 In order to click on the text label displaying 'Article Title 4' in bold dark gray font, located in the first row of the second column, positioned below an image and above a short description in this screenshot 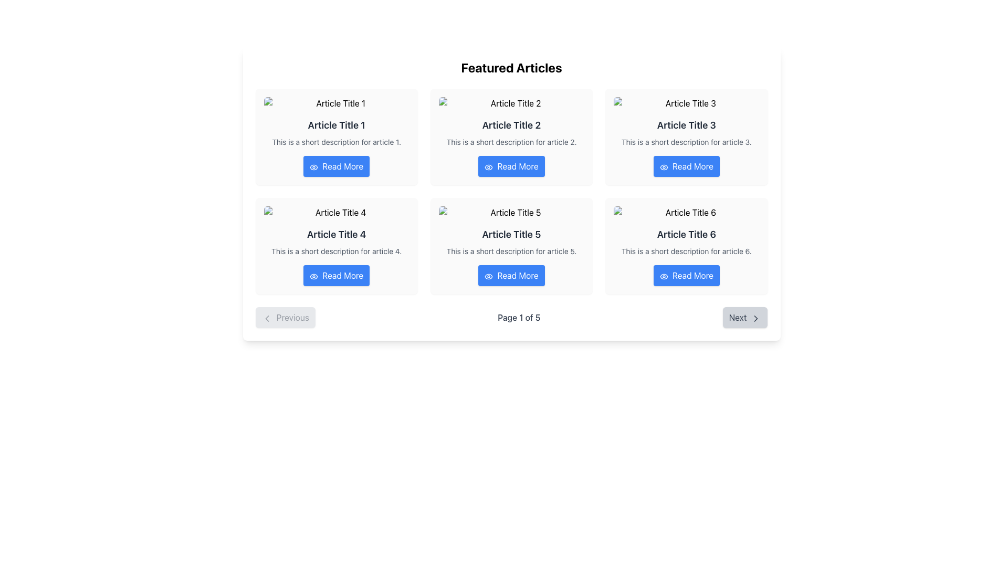, I will do `click(337, 234)`.